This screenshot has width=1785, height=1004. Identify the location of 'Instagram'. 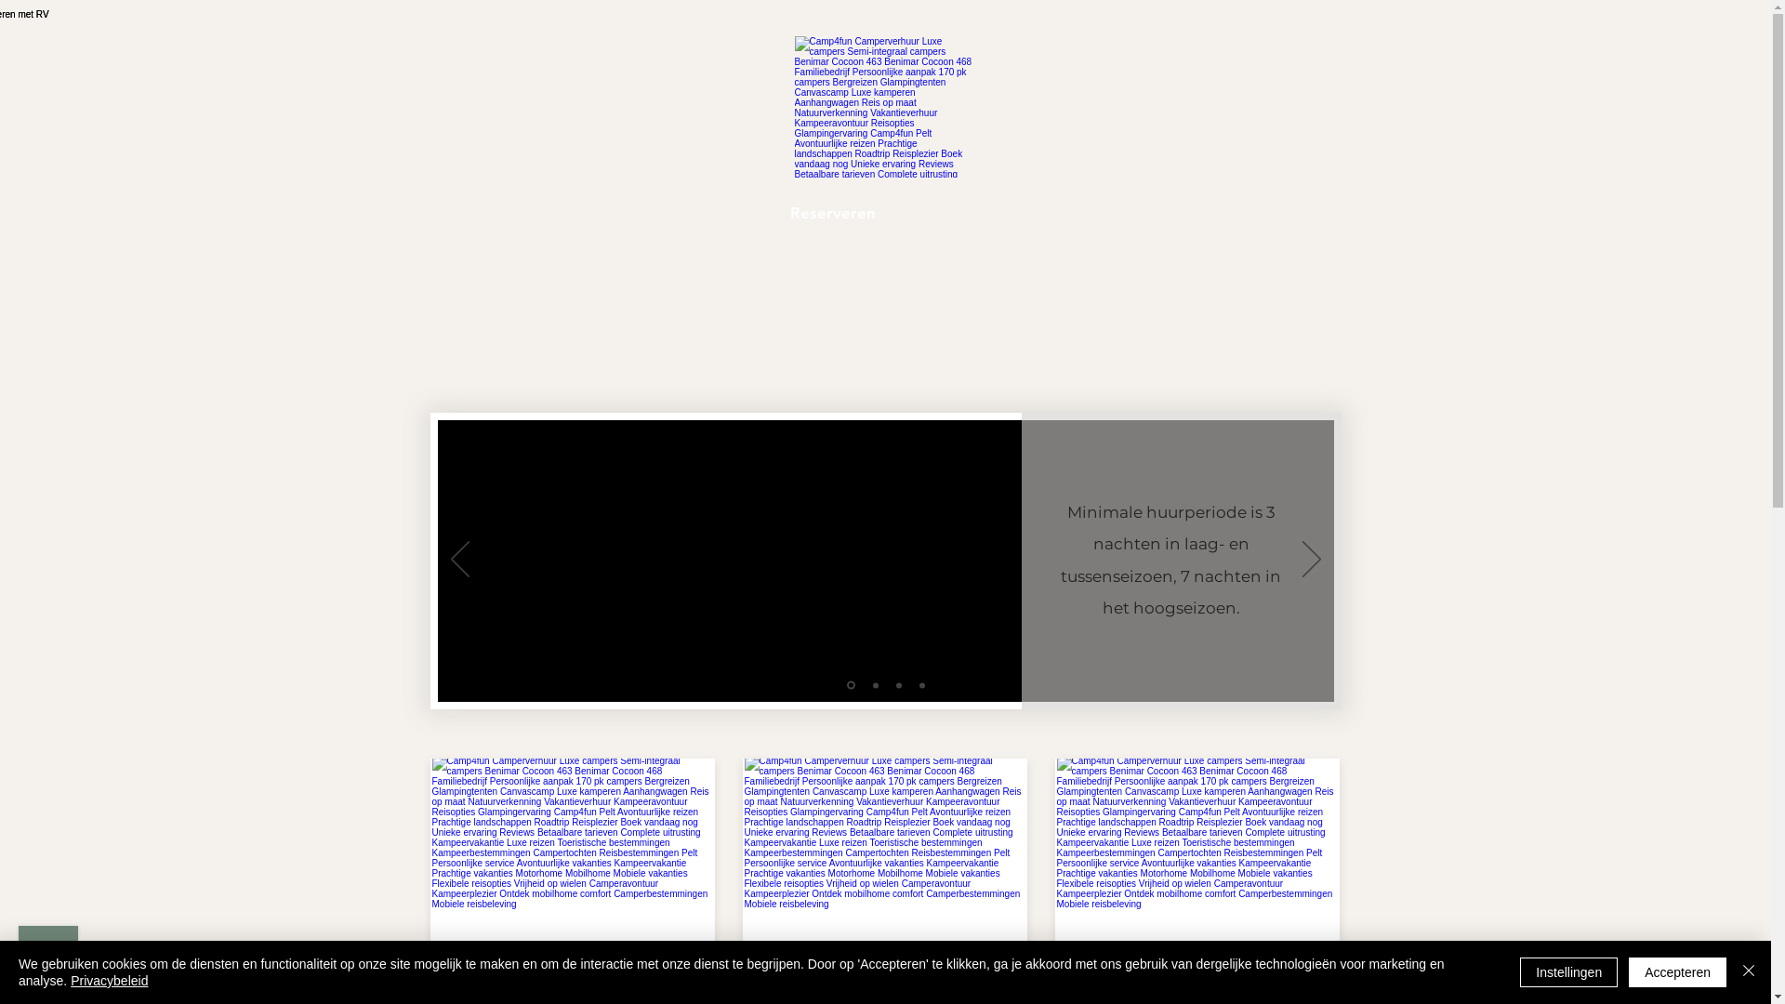
(1095, 211).